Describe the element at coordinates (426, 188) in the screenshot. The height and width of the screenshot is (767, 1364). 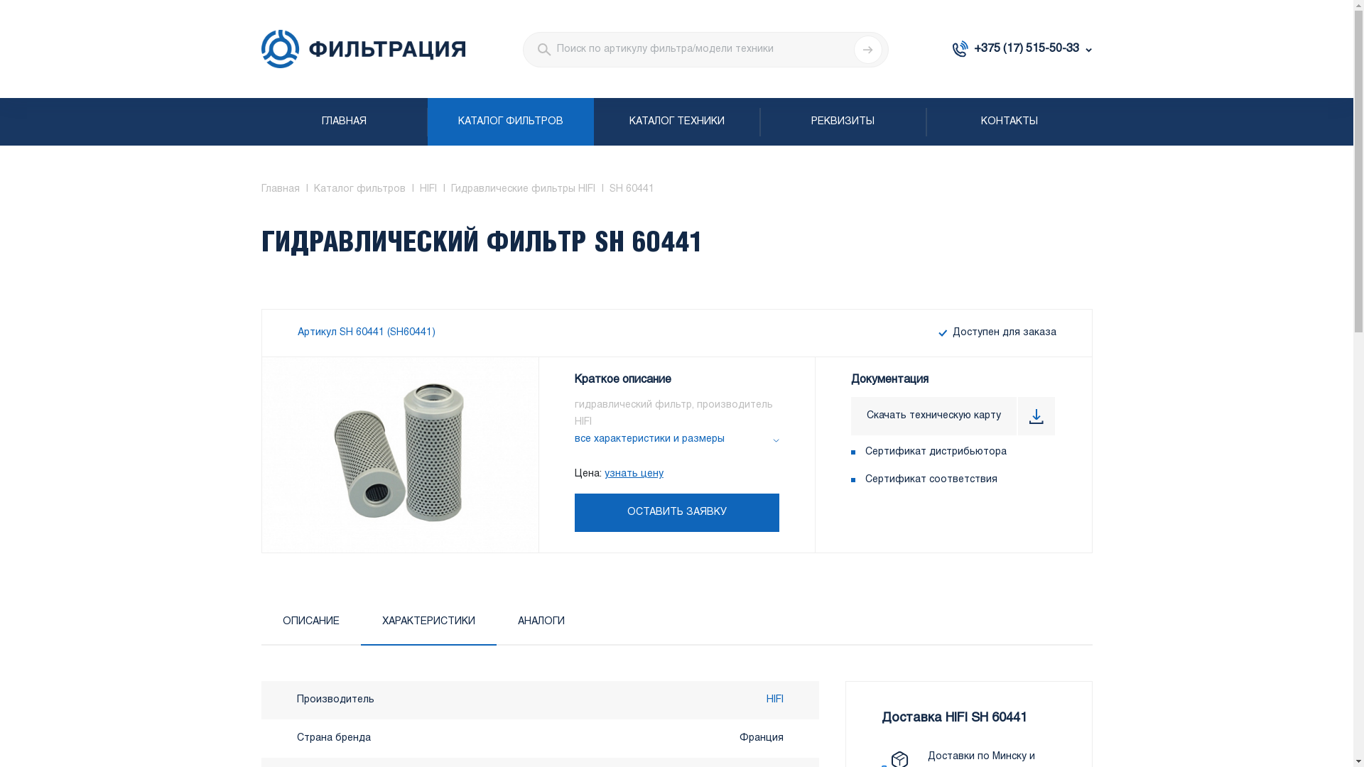
I see `'HIFI'` at that location.